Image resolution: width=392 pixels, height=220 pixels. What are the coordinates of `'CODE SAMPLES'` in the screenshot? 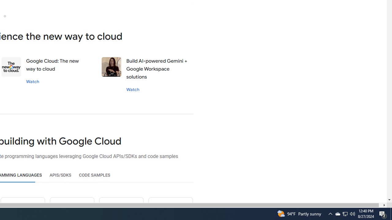 It's located at (94, 175).